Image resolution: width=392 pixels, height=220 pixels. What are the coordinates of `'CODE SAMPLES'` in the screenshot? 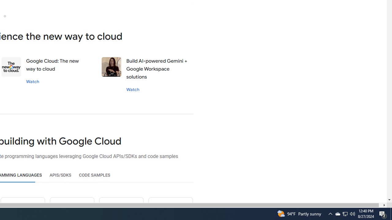 It's located at (94, 175).